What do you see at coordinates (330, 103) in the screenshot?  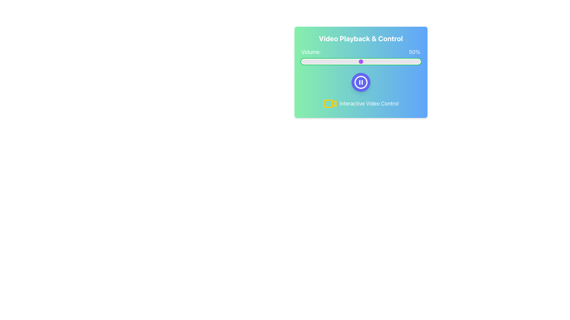 I see `the SVG video camera icon with a yellow outline, located to the left of the 'Interactive Video Control' text in the multimedia control interface` at bounding box center [330, 103].